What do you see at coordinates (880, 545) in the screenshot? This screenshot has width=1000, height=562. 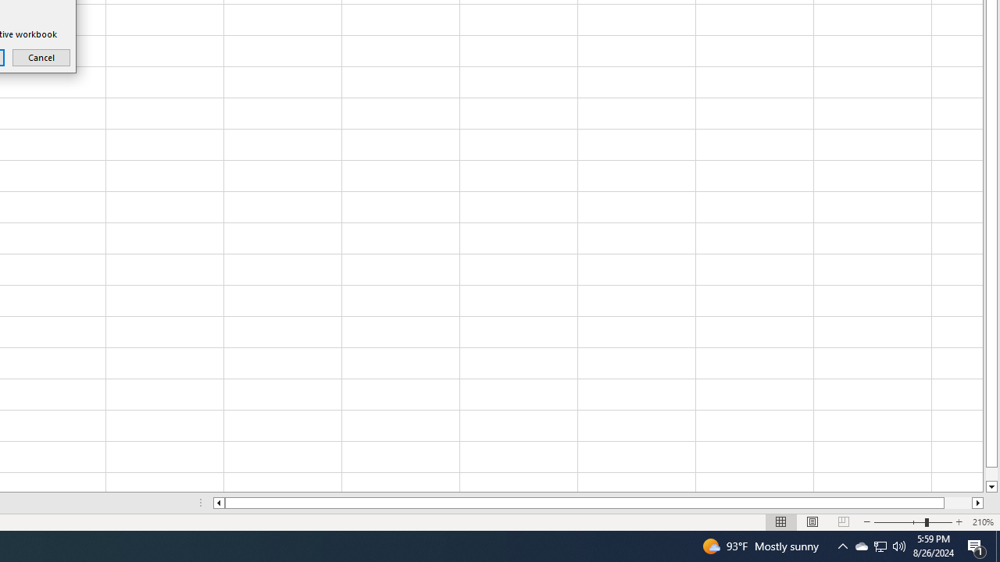 I see `'User Promoted Notification Area'` at bounding box center [880, 545].